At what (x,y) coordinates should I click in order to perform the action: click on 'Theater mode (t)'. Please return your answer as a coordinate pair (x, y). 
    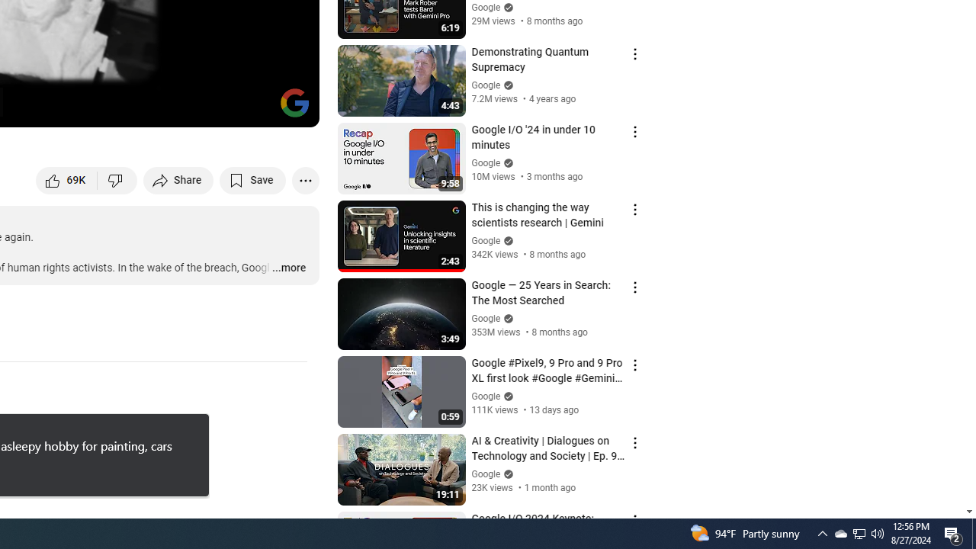
    Looking at the image, I should click on (255, 108).